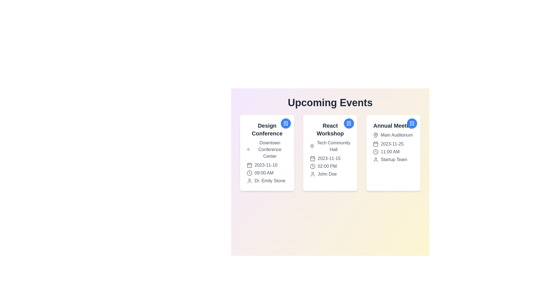  I want to click on the graphic icon resembling a user's profile, located to the left of the text 'Dr. Emily Stone' in the 'Design Conference' event details, so click(249, 181).